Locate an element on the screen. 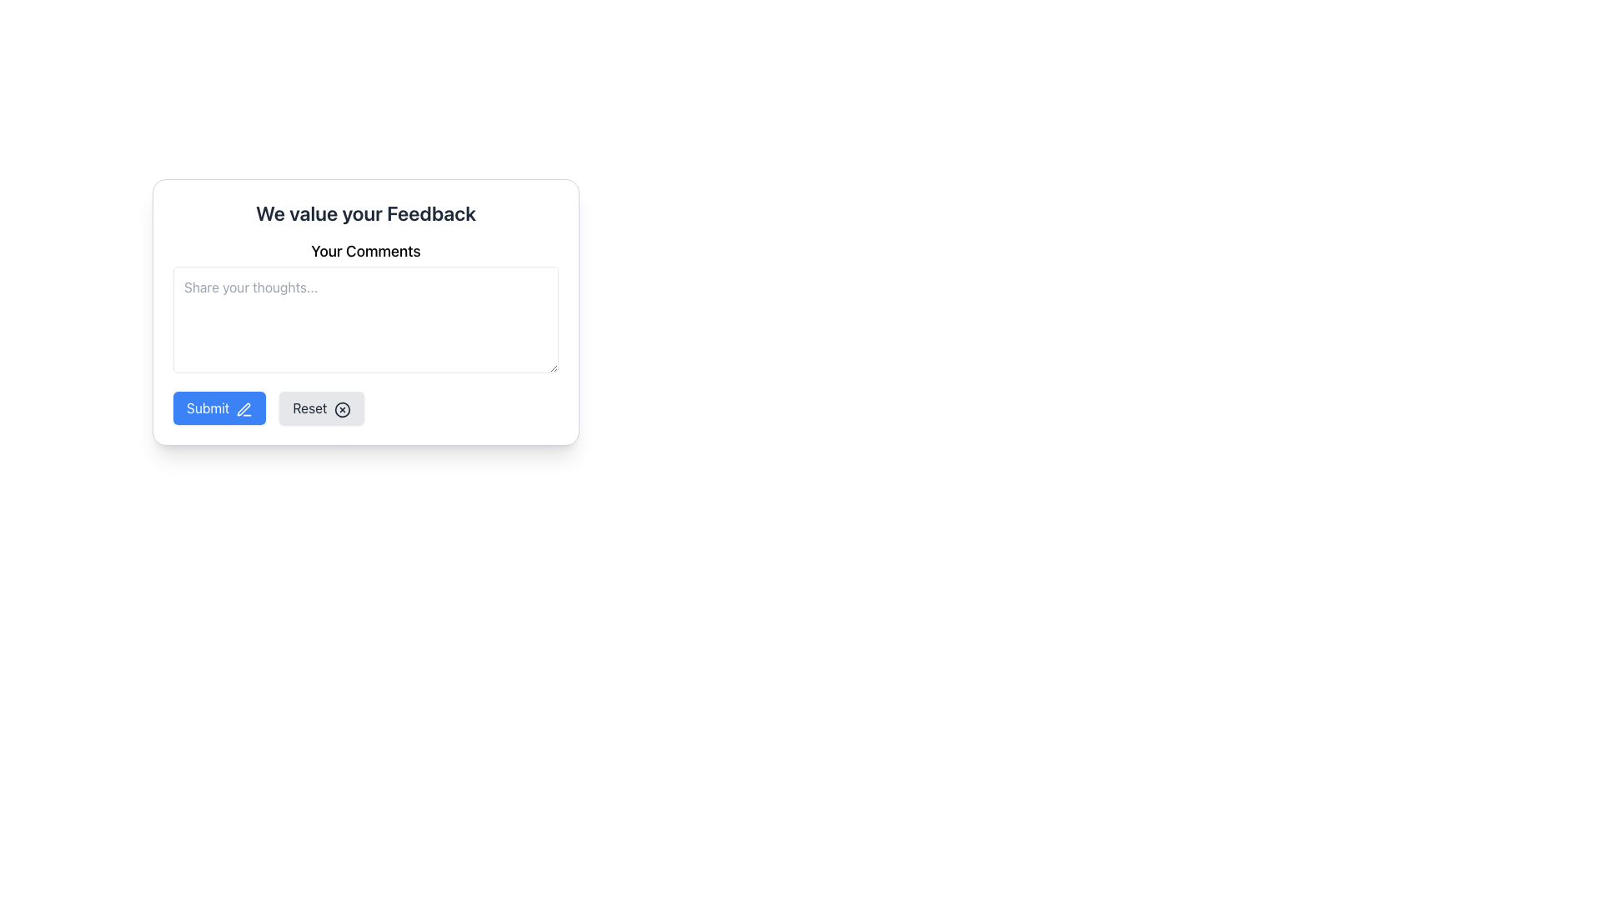  the Textarea input field labeled 'We value your Feedback' is located at coordinates (364, 308).